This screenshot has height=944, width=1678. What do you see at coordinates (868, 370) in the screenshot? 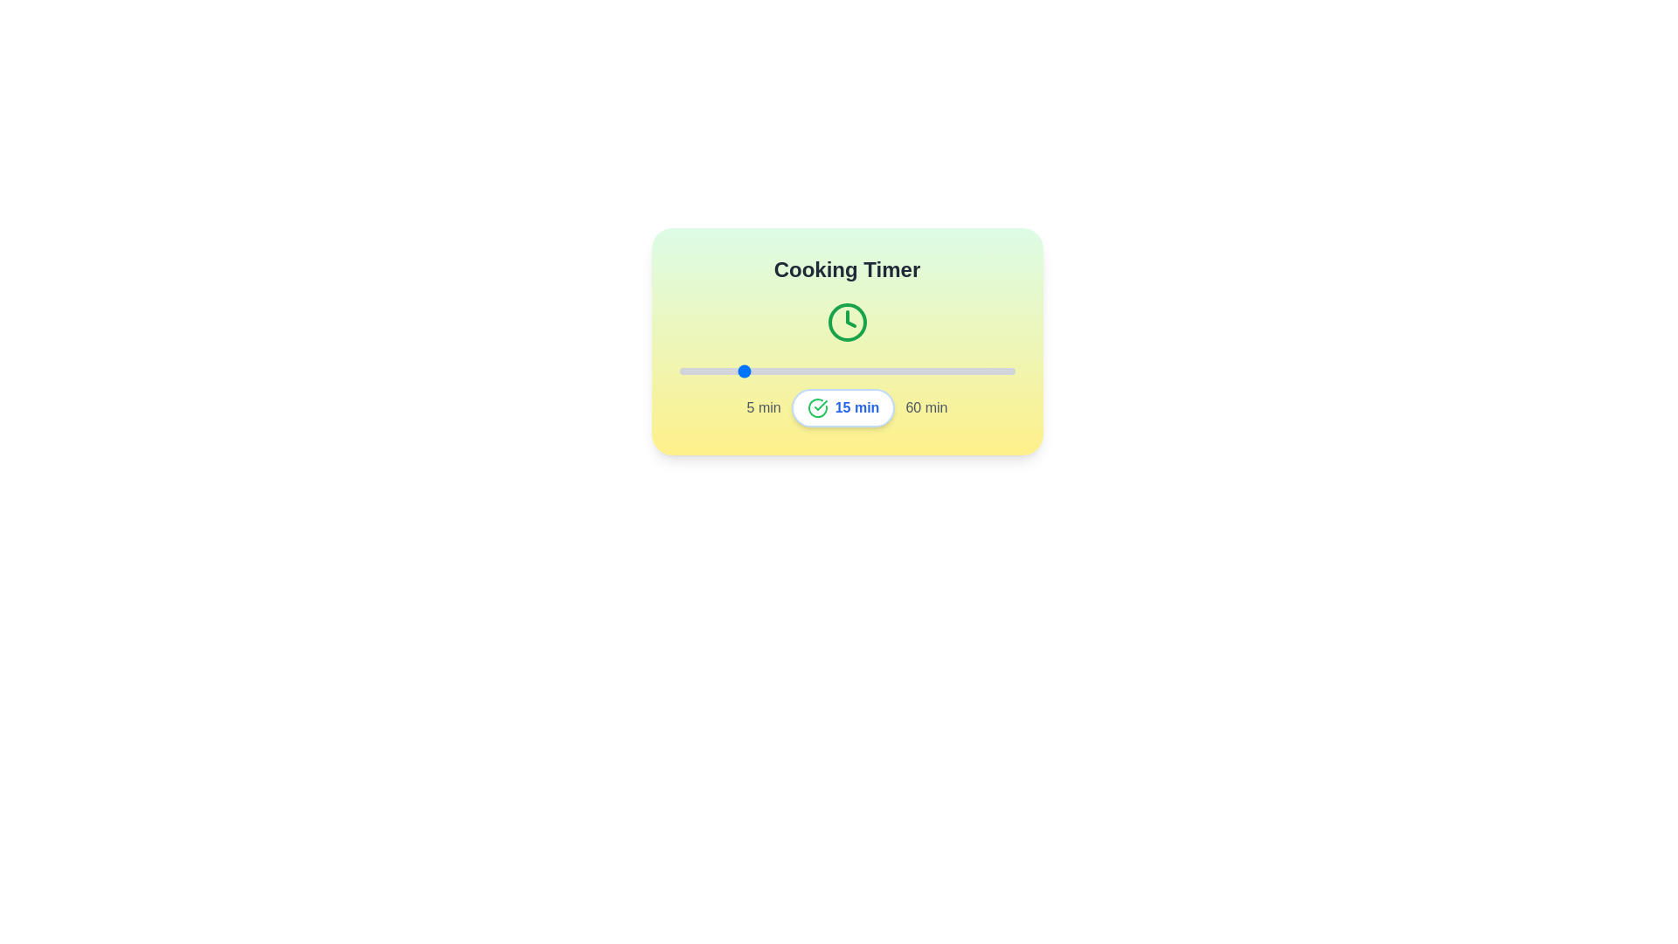
I see `slider` at bounding box center [868, 370].